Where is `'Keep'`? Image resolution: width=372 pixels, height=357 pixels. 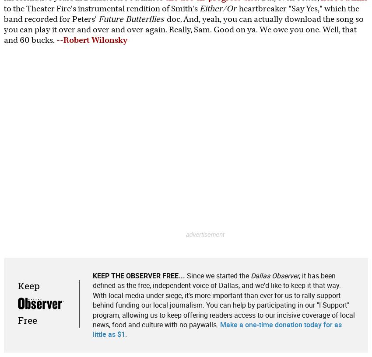 'Keep' is located at coordinates (17, 285).